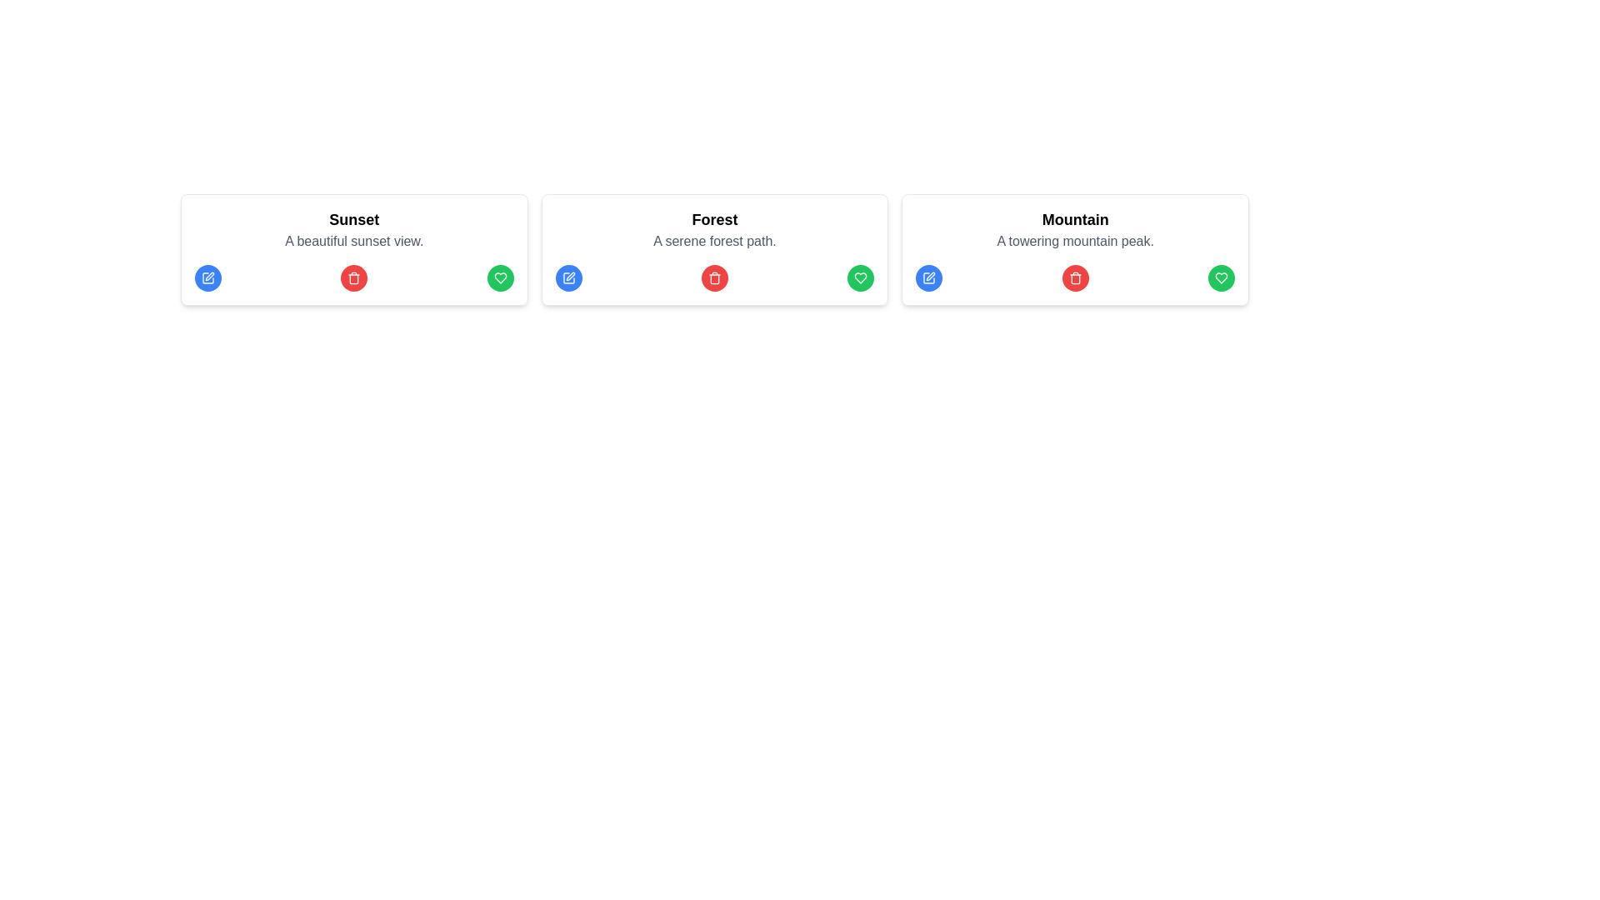  I want to click on the square pen icon button with a blue circular background located in the top-left corner of the 'Mountain' card, so click(928, 277).